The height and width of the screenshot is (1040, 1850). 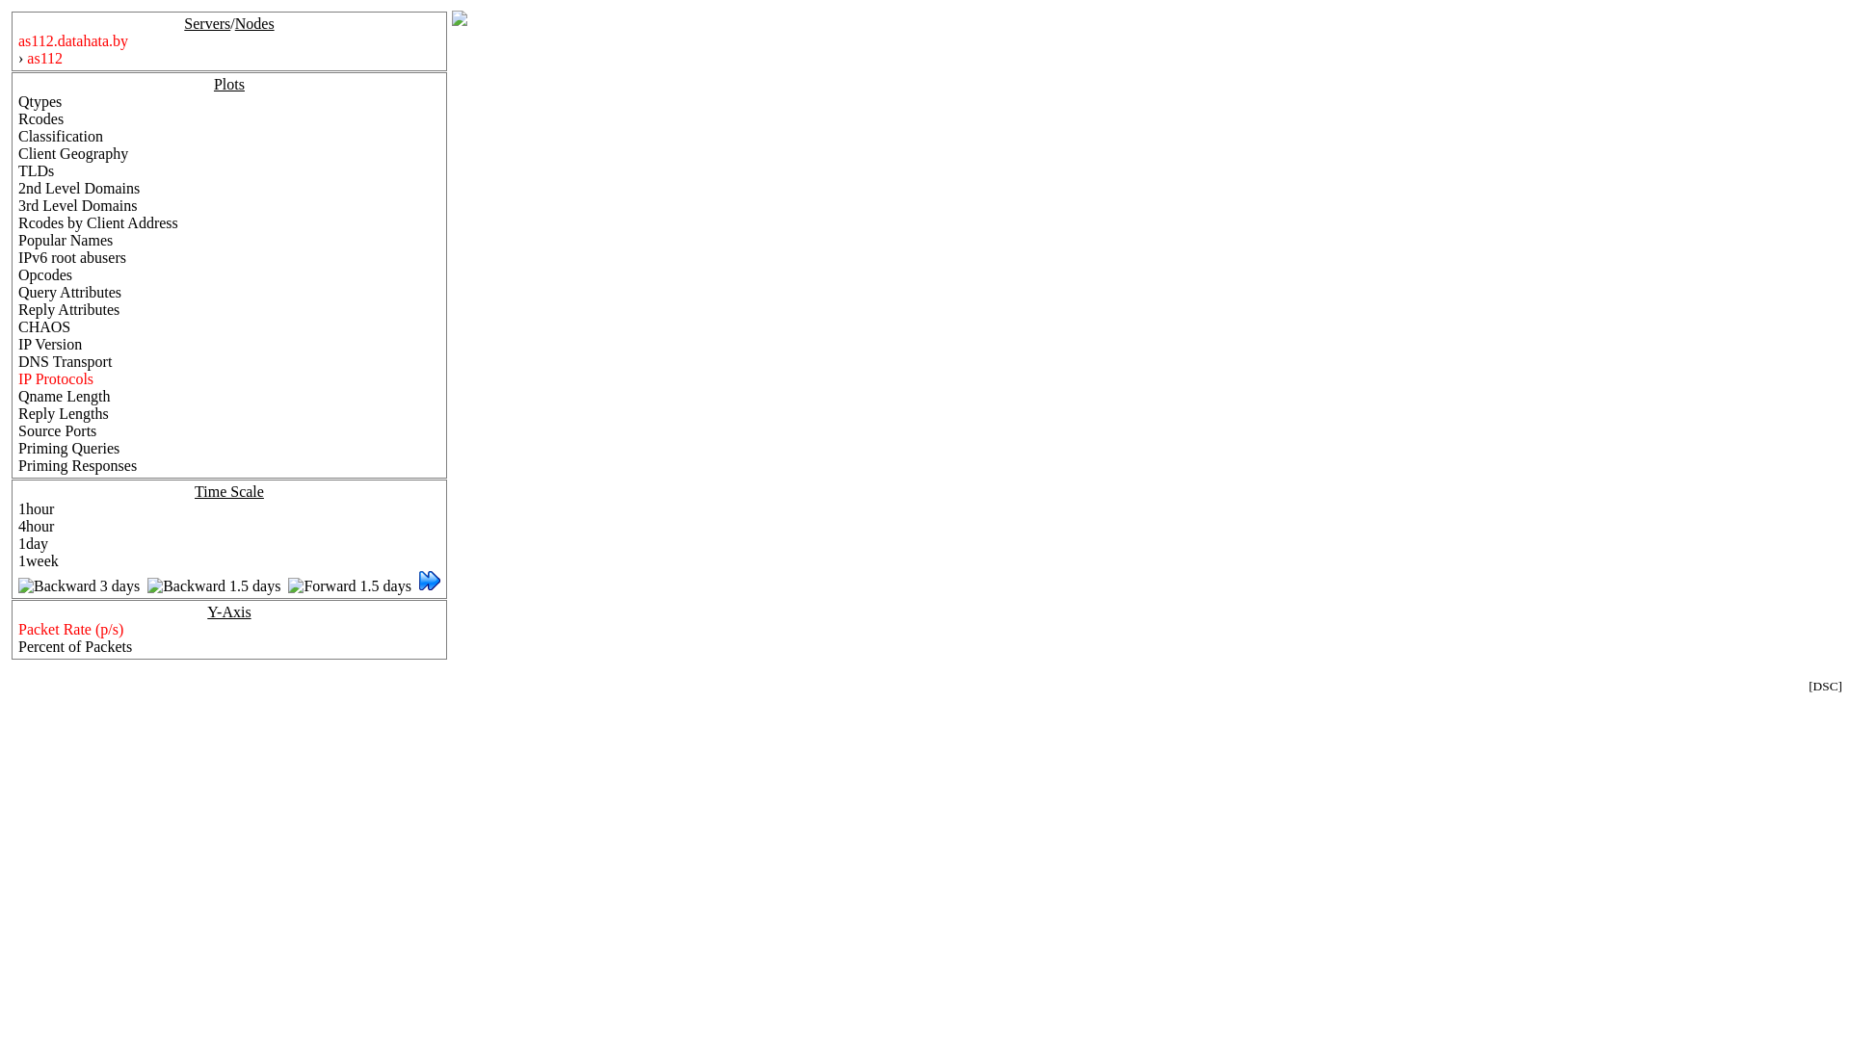 I want to click on 'Priming Responses', so click(x=18, y=465).